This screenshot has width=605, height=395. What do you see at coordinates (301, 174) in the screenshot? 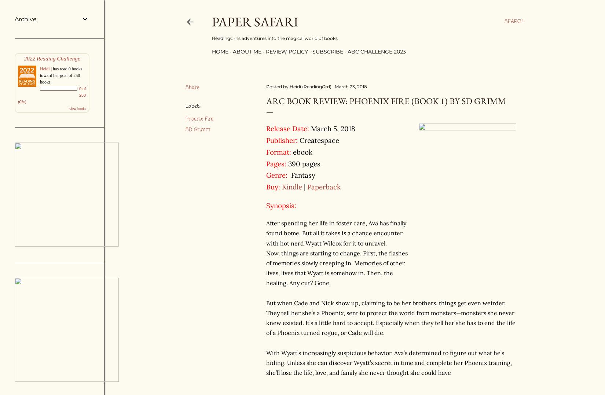
I see `'Fantasy'` at bounding box center [301, 174].